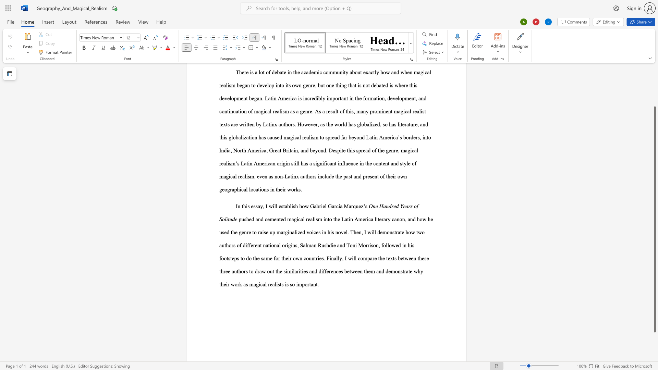 The height and width of the screenshot is (370, 658). Describe the element at coordinates (654, 103) in the screenshot. I see `the scrollbar` at that location.